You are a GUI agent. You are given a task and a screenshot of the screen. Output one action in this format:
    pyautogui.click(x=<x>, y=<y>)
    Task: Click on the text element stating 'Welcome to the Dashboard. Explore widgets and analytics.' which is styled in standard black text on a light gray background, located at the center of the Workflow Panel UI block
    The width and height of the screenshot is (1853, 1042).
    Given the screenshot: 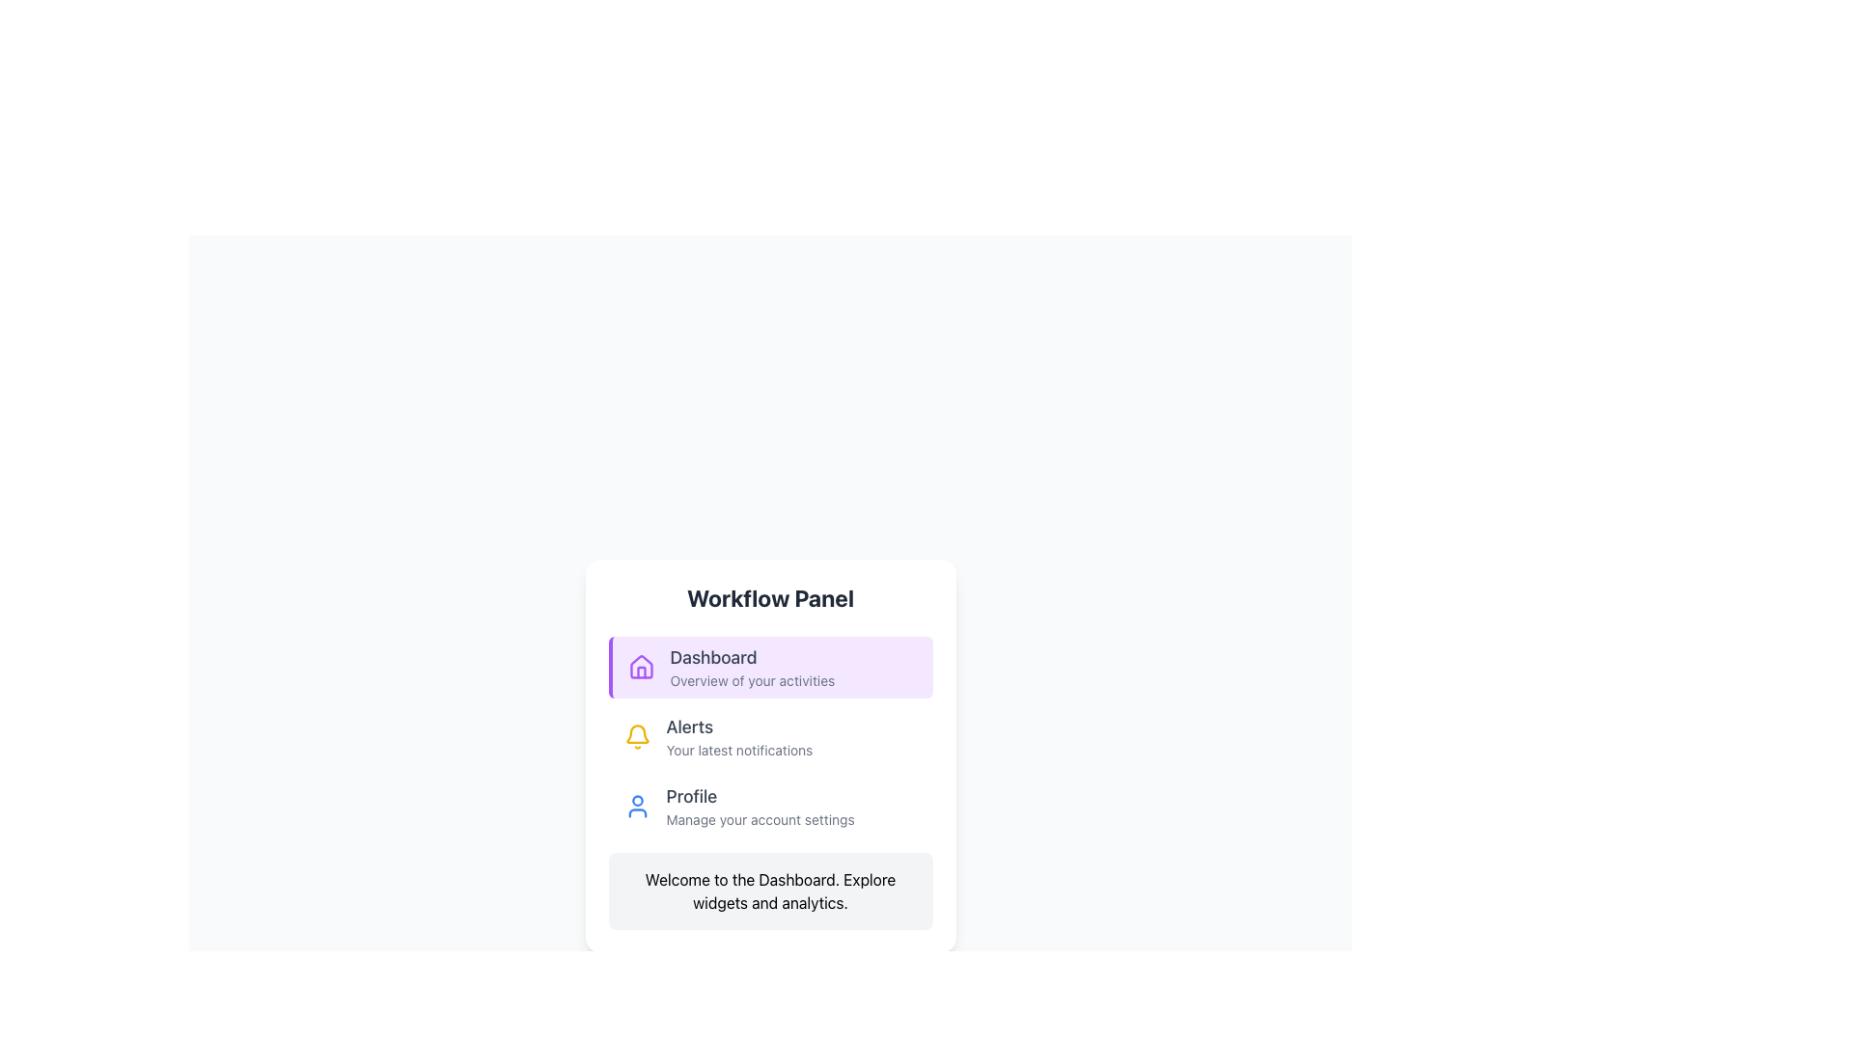 What is the action you would take?
    pyautogui.click(x=769, y=891)
    